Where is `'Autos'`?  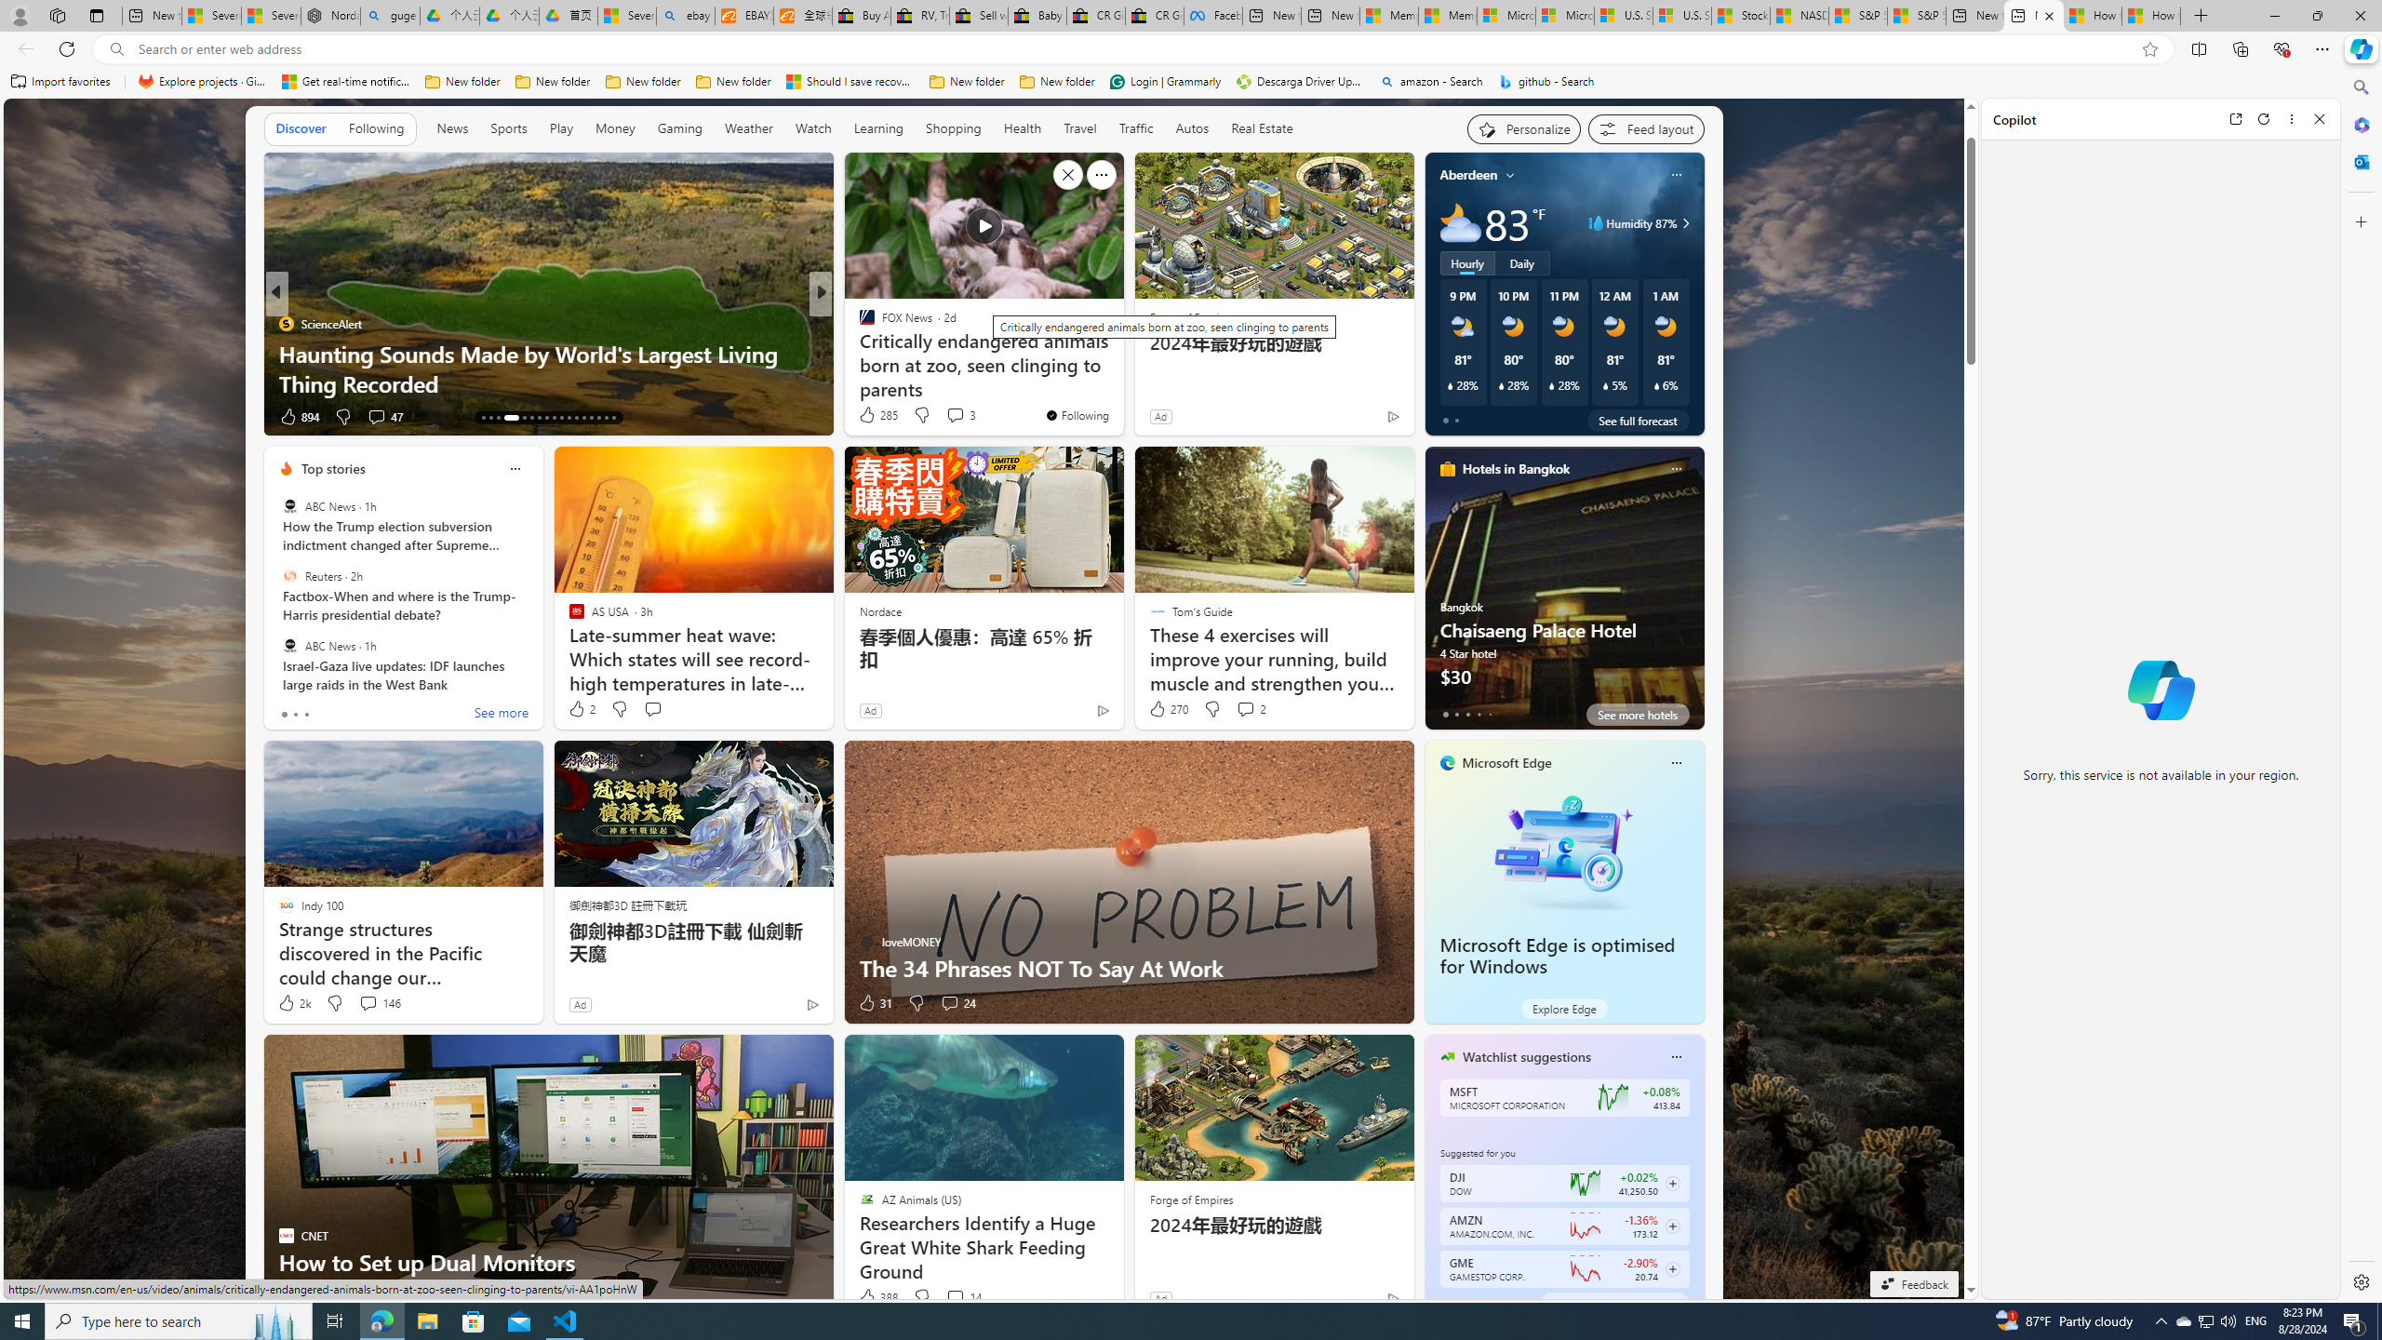 'Autos' is located at coordinates (1192, 127).